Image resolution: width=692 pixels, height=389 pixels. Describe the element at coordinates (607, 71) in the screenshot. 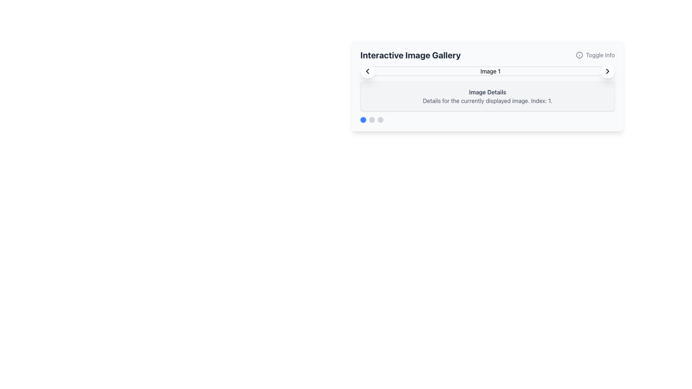

I see `the circular button with a white background and a rightward-pointing chevron icon` at that location.